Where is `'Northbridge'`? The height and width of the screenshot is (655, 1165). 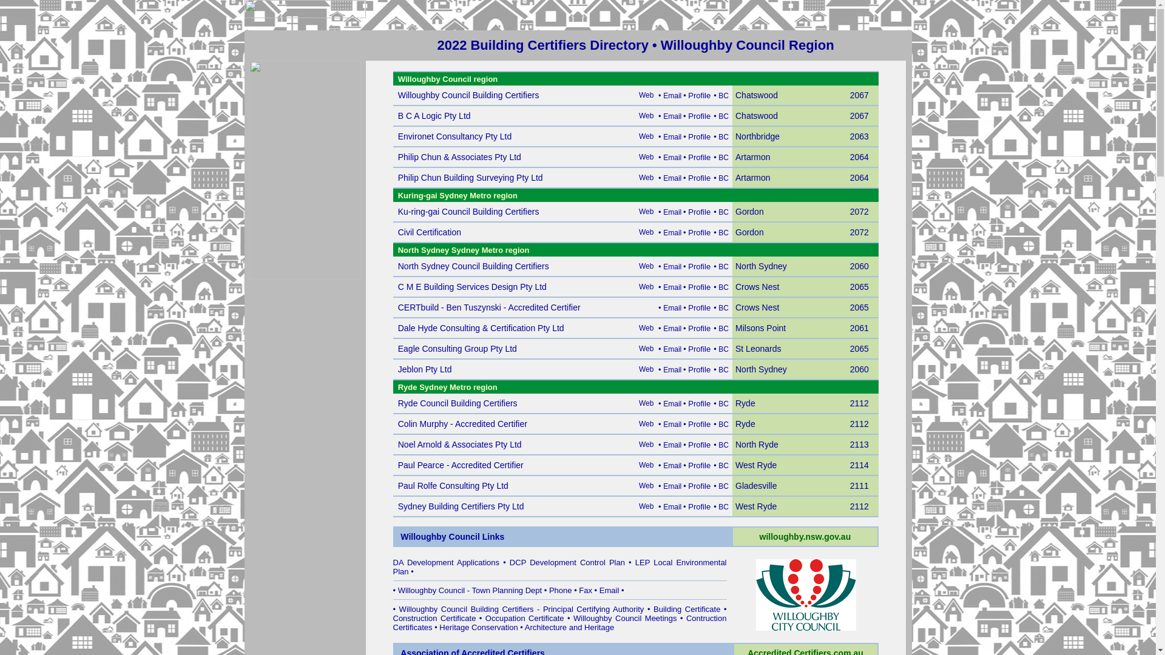
'Northbridge' is located at coordinates (757, 136).